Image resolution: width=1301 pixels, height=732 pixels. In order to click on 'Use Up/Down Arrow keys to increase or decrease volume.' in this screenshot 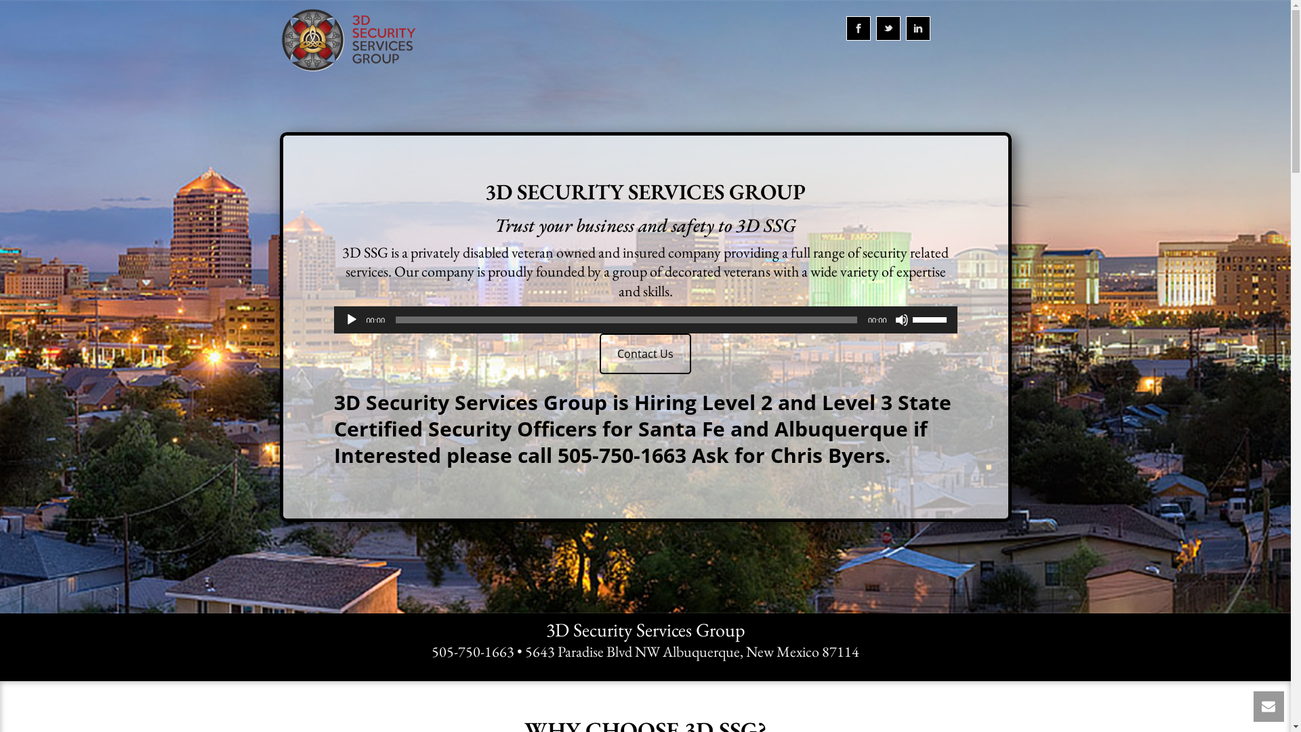, I will do `click(930, 319)`.